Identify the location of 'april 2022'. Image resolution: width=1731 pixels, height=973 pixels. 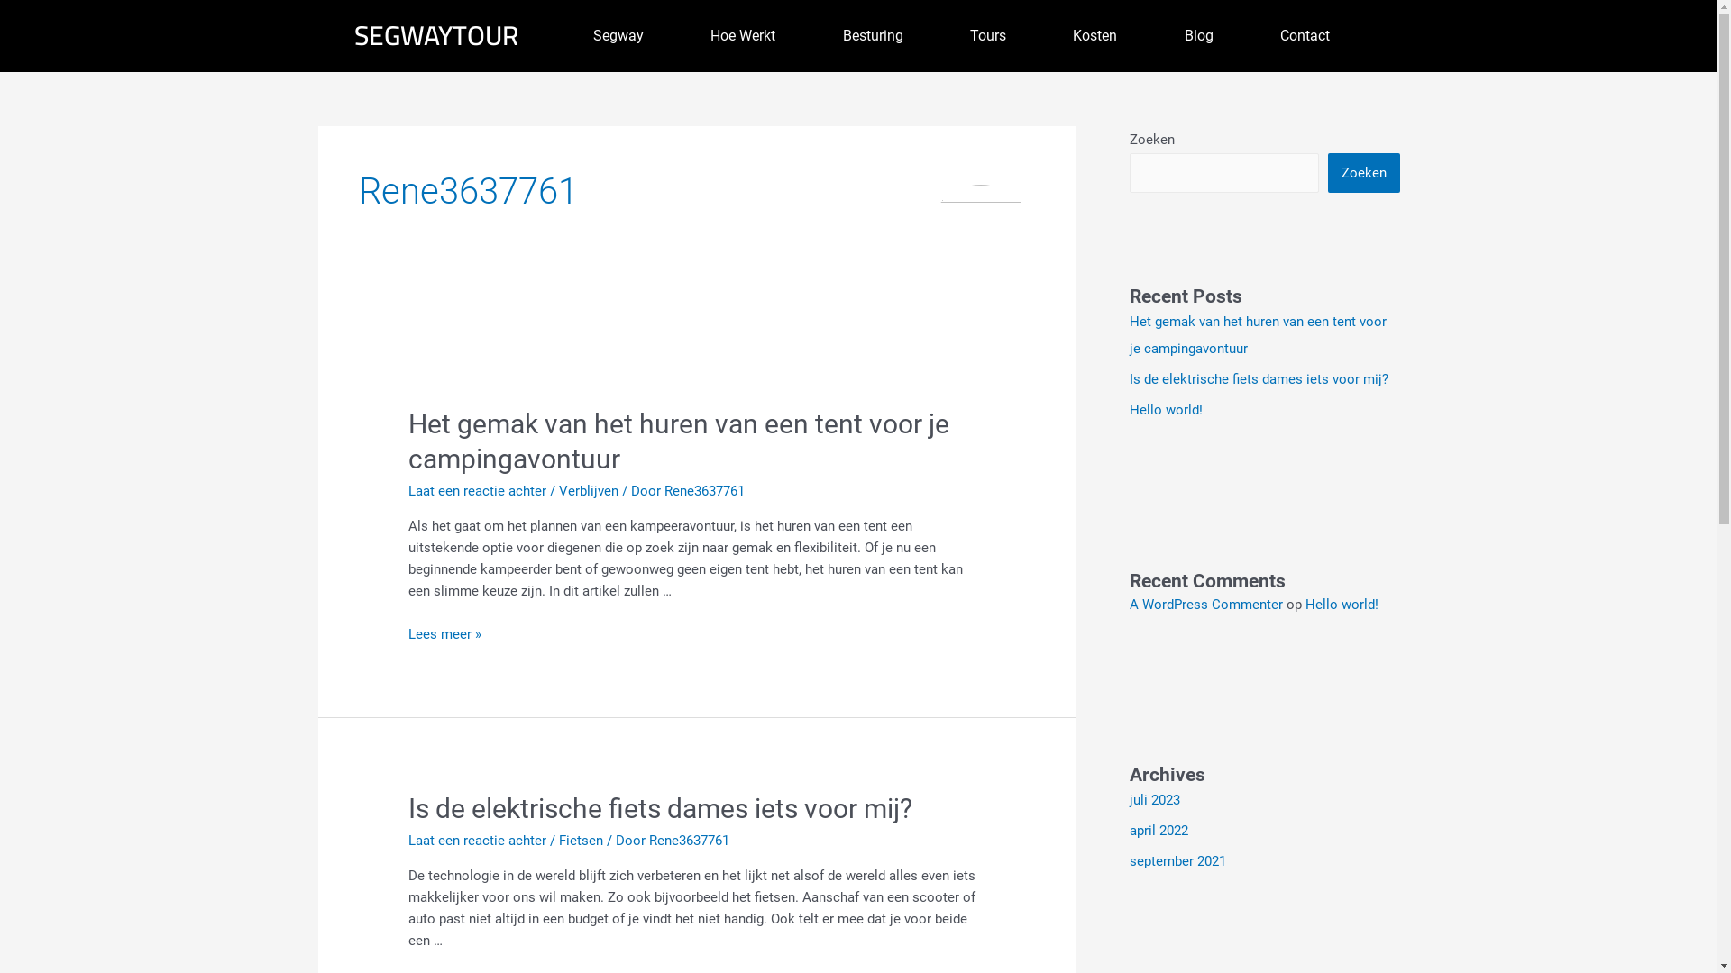
(1128, 830).